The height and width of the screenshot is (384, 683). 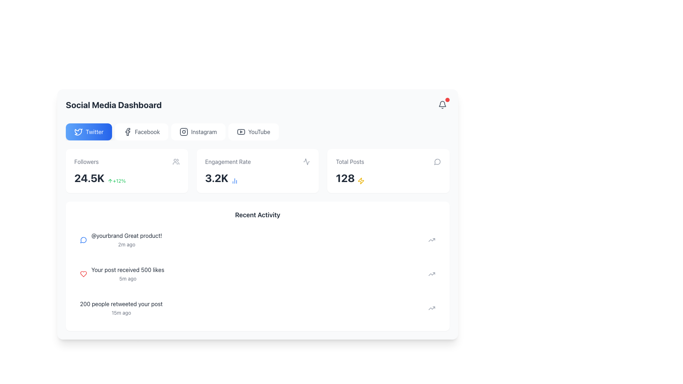 I want to click on the 'Facebook' text label within the button, so click(x=147, y=132).